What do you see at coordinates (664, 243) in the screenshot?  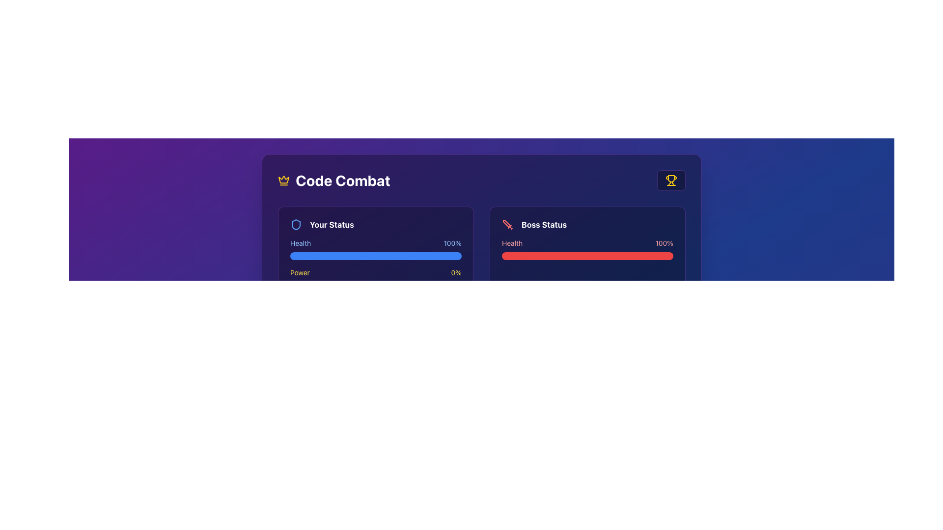 I see `the text label displaying '100%' in red font color, which indicates health status and is located in the 'Boss Status' panel above the red health progress bar` at bounding box center [664, 243].